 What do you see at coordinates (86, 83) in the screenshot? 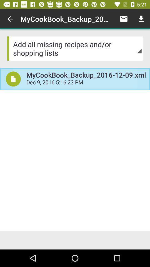
I see `dec 9 2016 icon` at bounding box center [86, 83].